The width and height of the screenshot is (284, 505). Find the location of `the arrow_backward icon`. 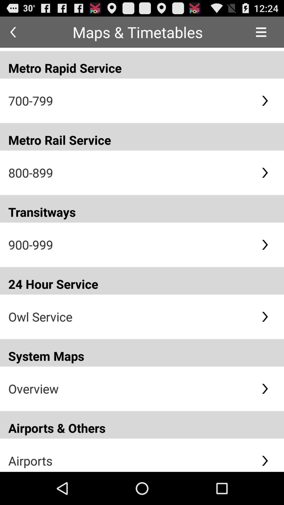

the arrow_backward icon is located at coordinates (13, 34).